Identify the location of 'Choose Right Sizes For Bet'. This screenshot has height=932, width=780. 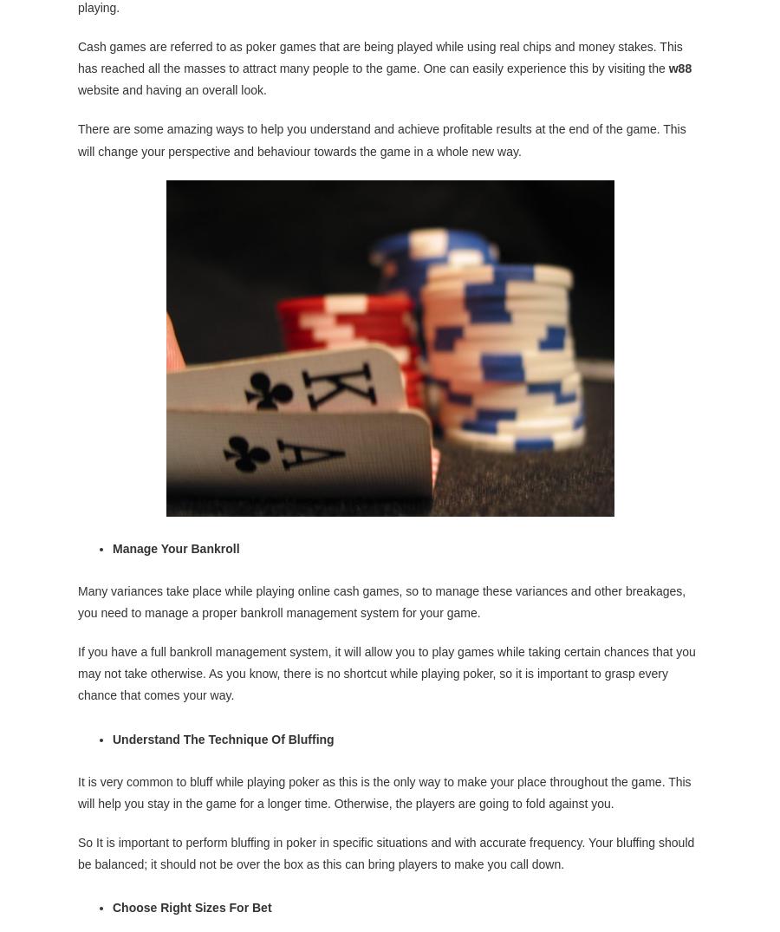
(192, 906).